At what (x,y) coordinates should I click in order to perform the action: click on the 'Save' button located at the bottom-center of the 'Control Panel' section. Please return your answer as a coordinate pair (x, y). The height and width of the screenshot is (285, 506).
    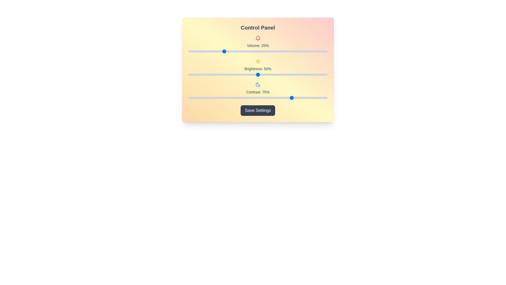
    Looking at the image, I should click on (258, 110).